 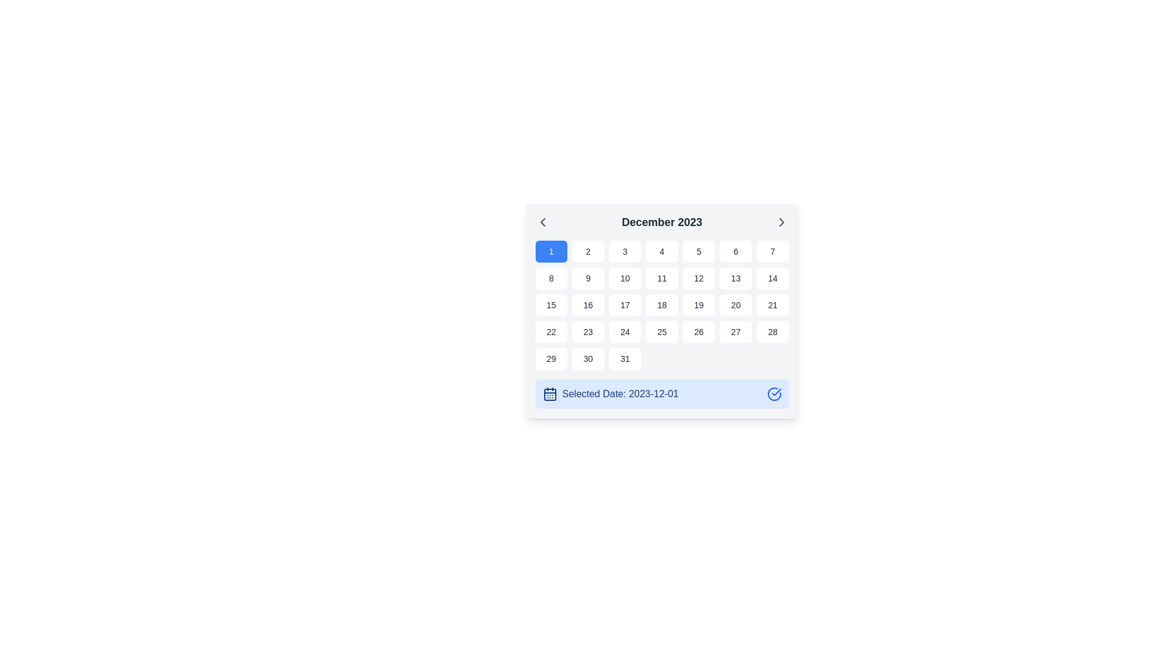 What do you see at coordinates (661, 305) in the screenshot?
I see `an individual date box in the Calendar Date Selector Grid, which is located below the header displaying 'December 2023'` at bounding box center [661, 305].